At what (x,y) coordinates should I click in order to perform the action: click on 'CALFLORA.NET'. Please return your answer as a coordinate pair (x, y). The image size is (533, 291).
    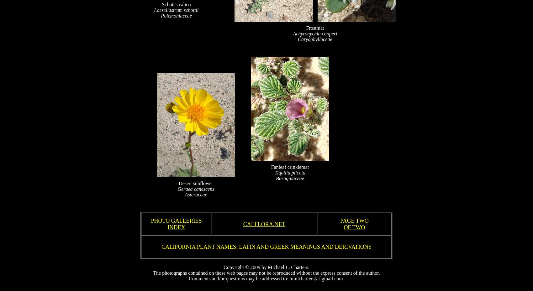
    Looking at the image, I should click on (264, 224).